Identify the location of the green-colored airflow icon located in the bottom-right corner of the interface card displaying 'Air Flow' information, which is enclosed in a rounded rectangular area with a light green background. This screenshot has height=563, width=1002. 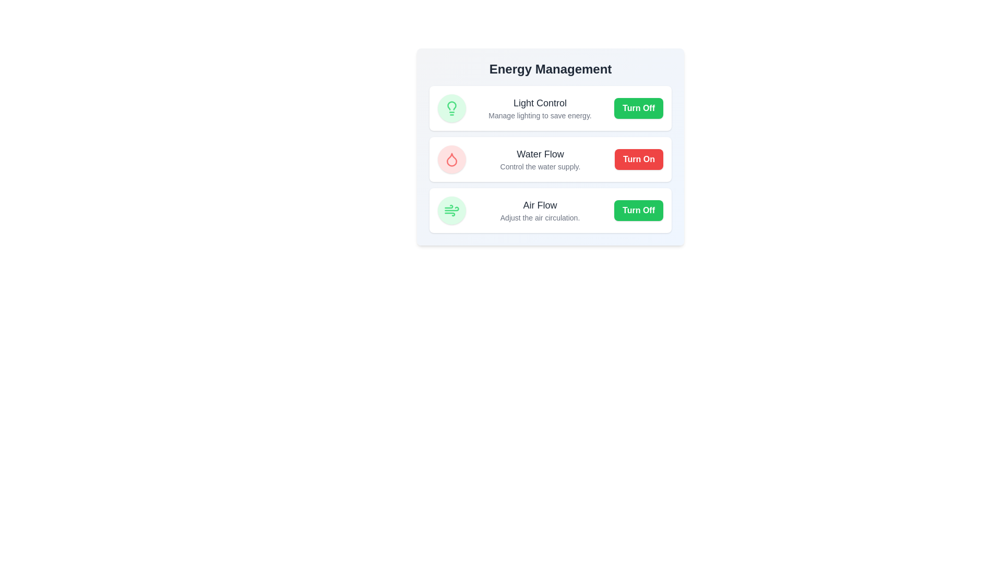
(451, 211).